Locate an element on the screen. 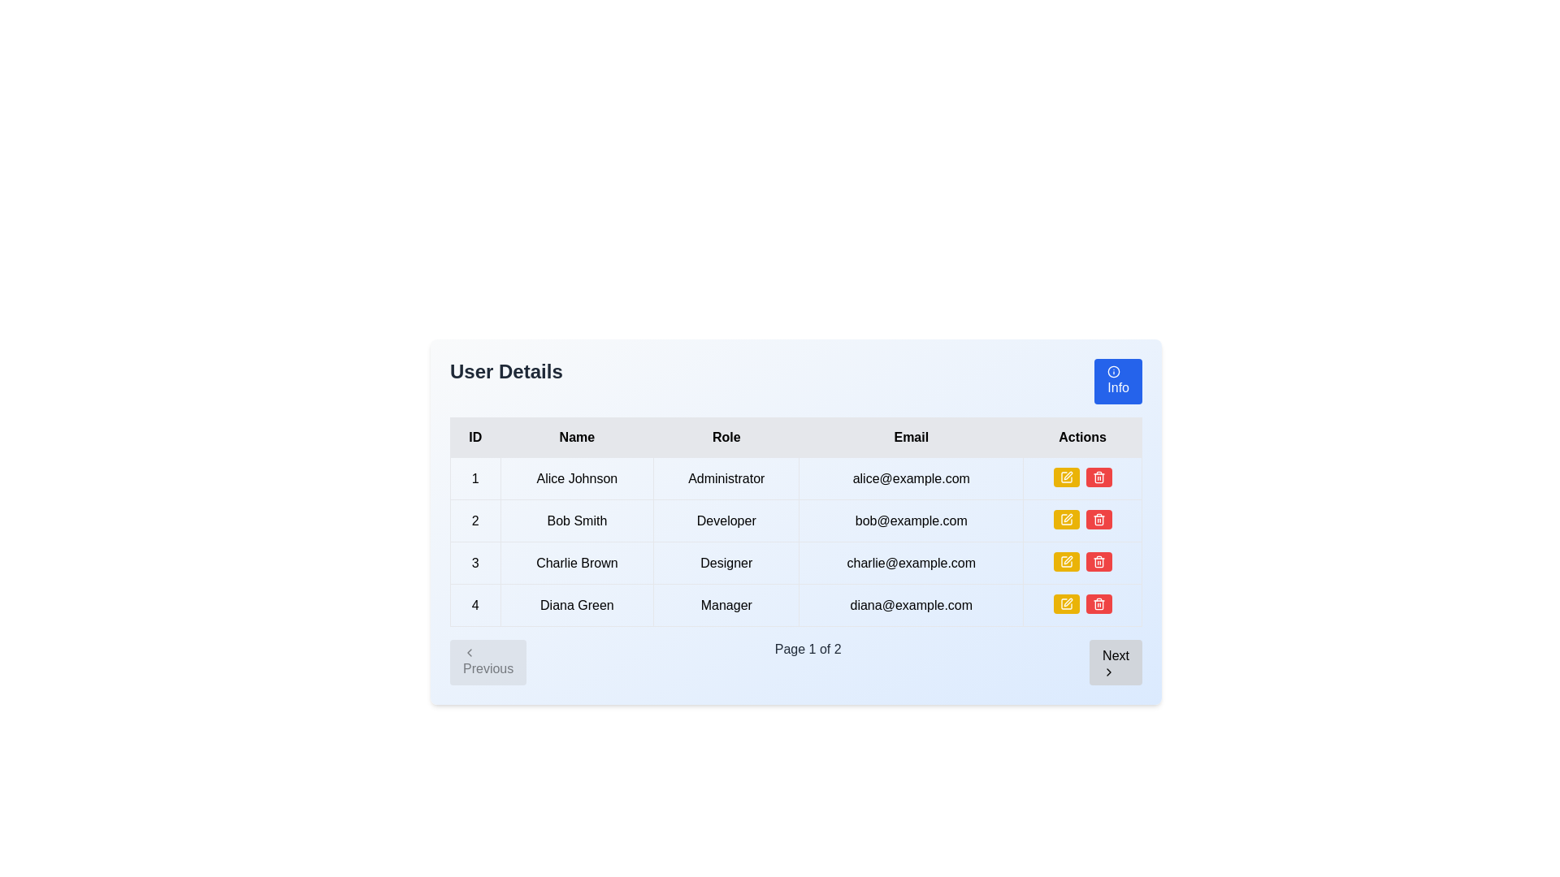  the trash can icon located in the 'Actions' column for the second row in the table is located at coordinates (1098, 562).